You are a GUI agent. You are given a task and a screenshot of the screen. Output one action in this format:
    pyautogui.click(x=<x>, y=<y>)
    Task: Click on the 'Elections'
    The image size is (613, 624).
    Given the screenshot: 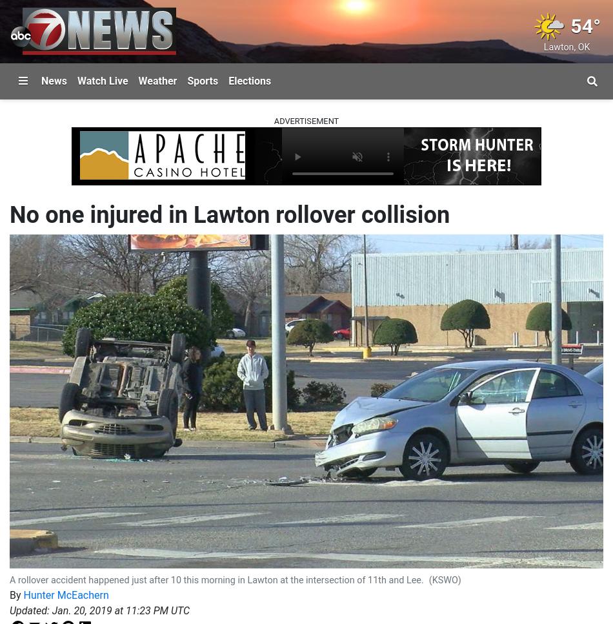 What is the action you would take?
    pyautogui.click(x=249, y=80)
    